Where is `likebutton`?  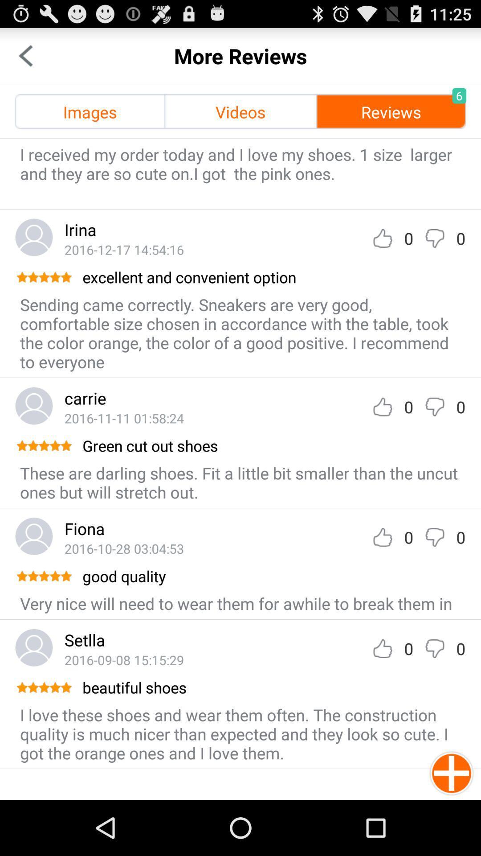
likebutton is located at coordinates (382, 238).